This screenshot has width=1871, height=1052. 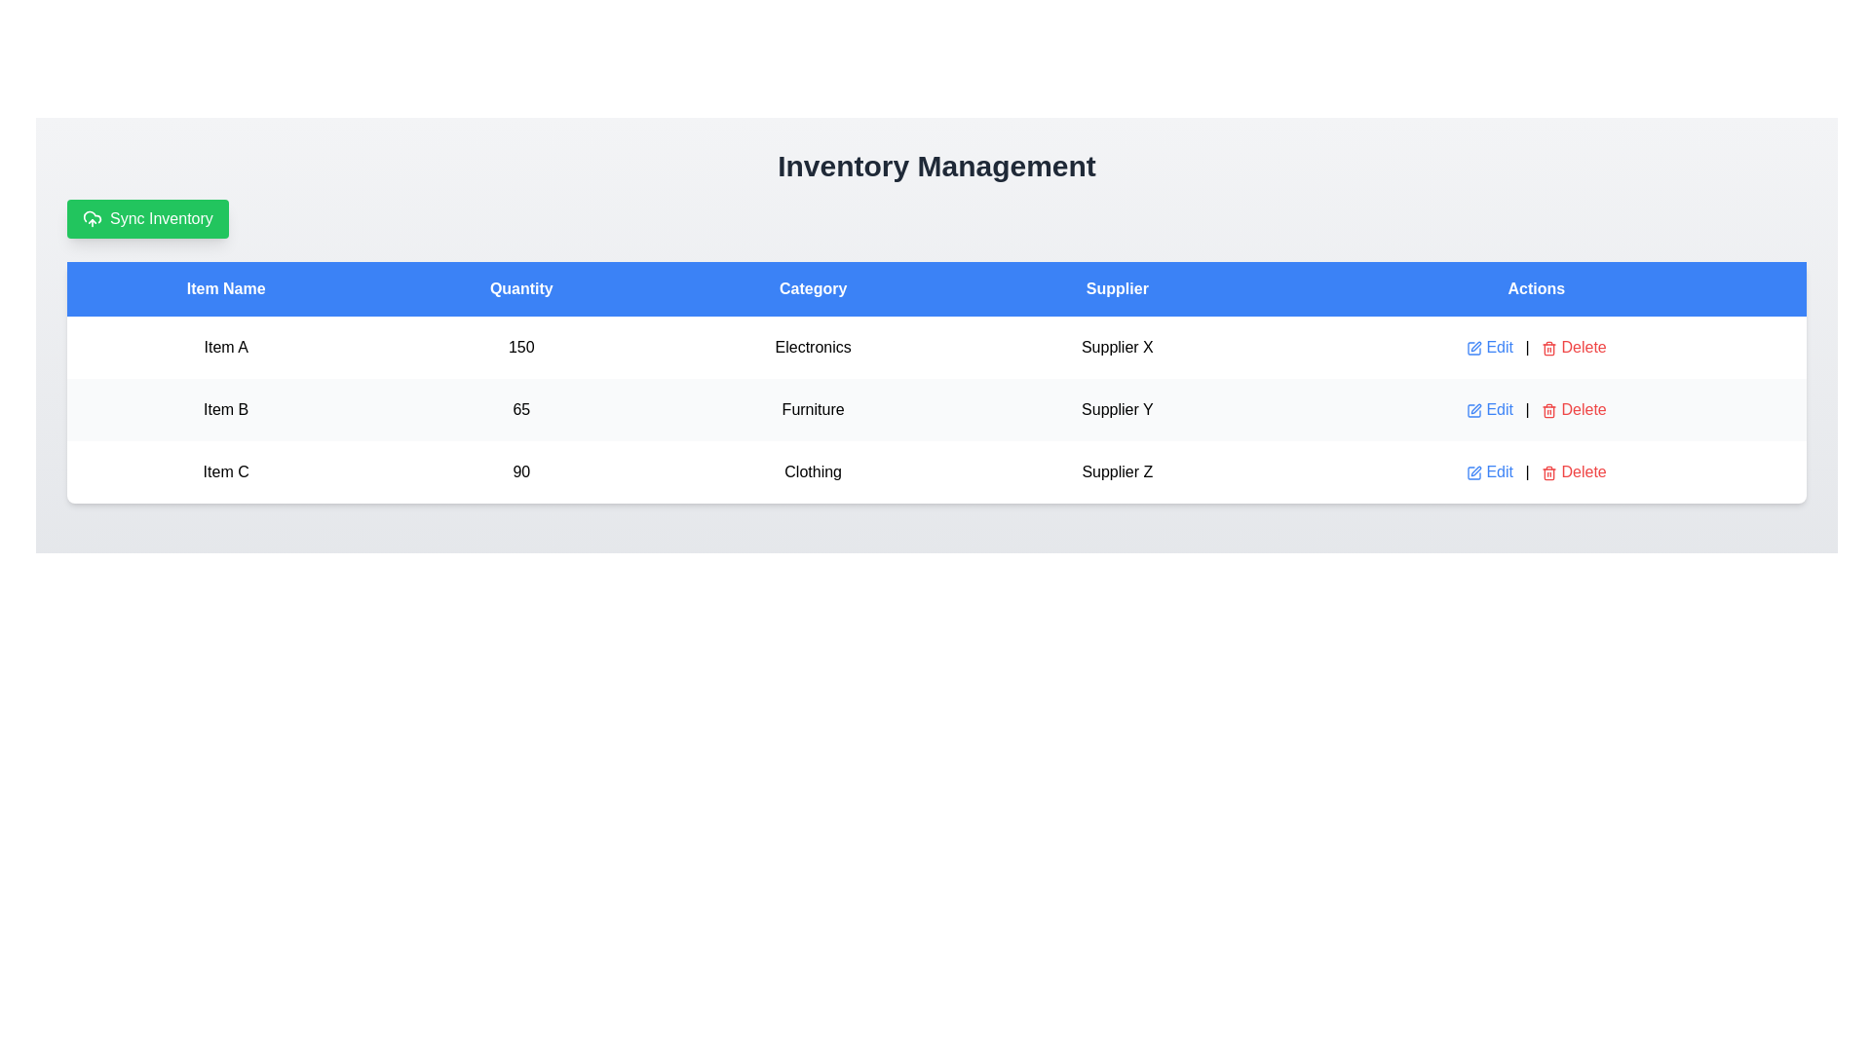 I want to click on the third Table Header Cell in the data table, which is positioned between 'Quantity' and 'Supplier', so click(x=813, y=289).